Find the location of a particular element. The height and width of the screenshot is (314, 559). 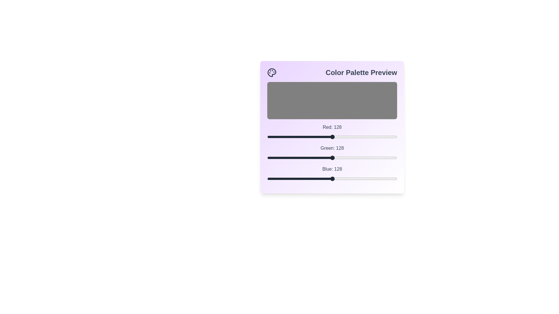

the red color intensity is located at coordinates (338, 137).